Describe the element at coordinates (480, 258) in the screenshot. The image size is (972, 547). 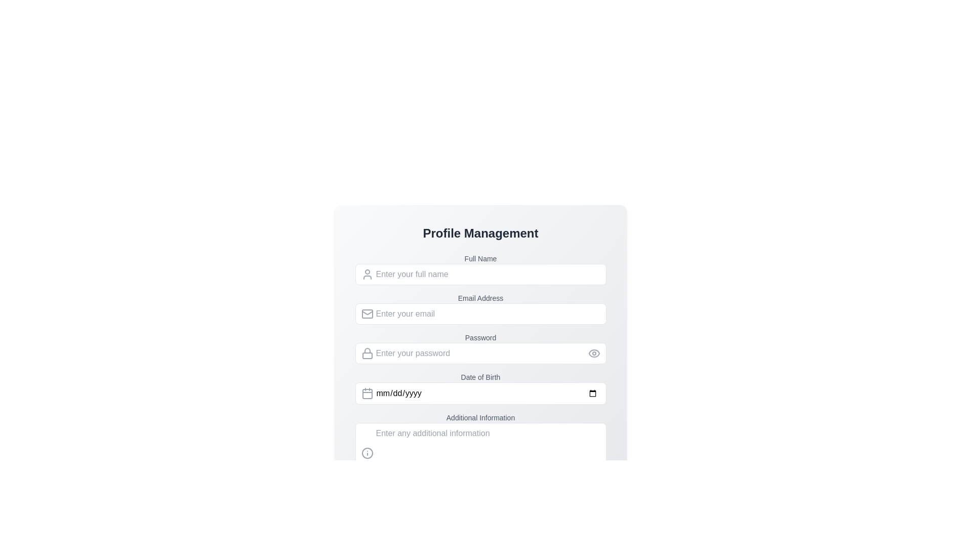
I see `'Full Name' label, which is a text label styled in gray color and positioned at the top of the Profile Management form, to understand the expected input` at that location.